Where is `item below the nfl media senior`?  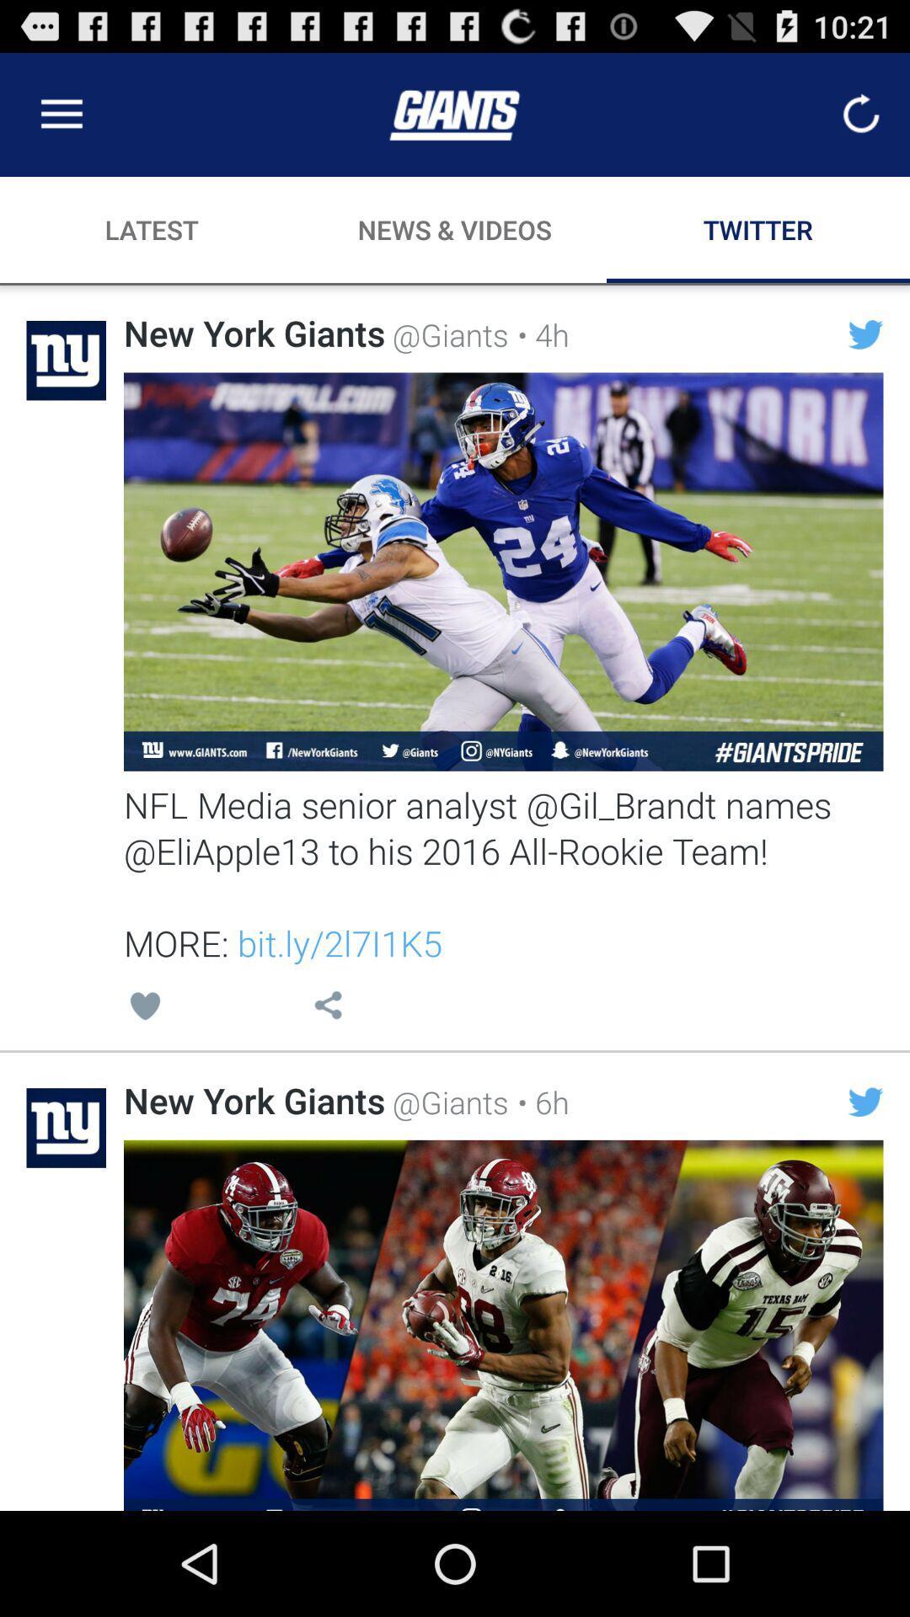
item below the nfl media senior is located at coordinates (144, 1008).